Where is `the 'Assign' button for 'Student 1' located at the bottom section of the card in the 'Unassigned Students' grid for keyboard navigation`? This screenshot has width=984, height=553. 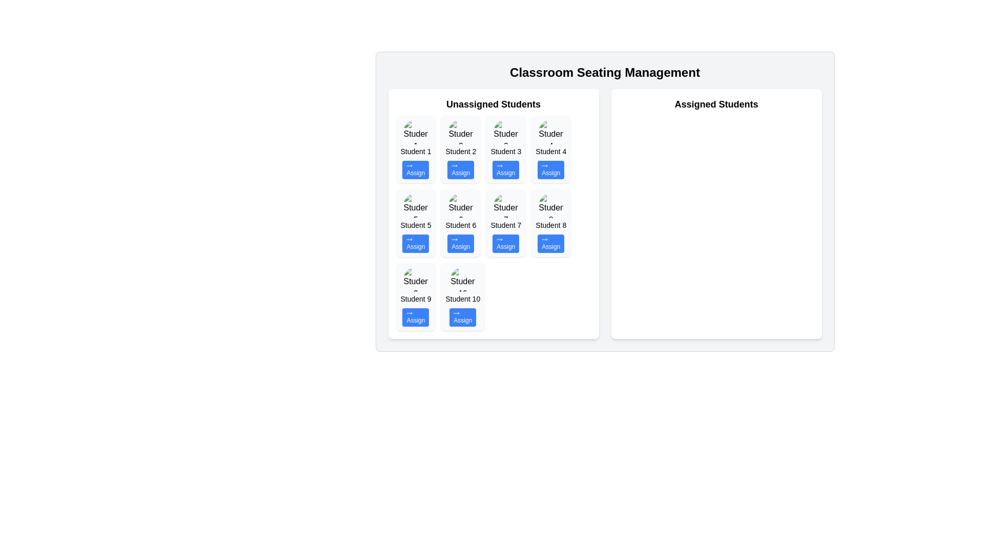
the 'Assign' button for 'Student 1' located at the bottom section of the card in the 'Unassigned Students' grid for keyboard navigation is located at coordinates (416, 169).